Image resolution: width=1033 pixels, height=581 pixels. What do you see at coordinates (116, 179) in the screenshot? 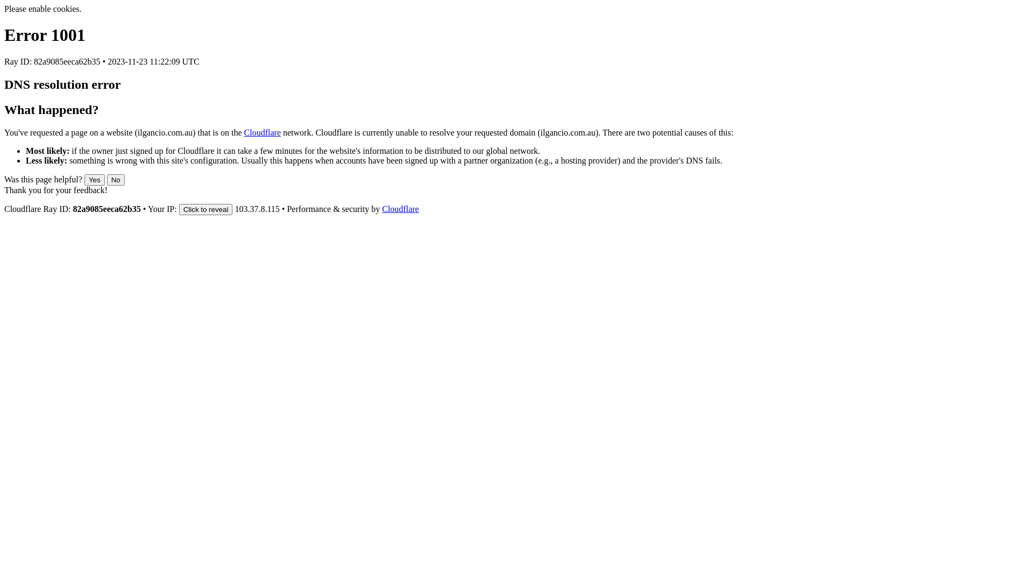
I see `'No'` at bounding box center [116, 179].